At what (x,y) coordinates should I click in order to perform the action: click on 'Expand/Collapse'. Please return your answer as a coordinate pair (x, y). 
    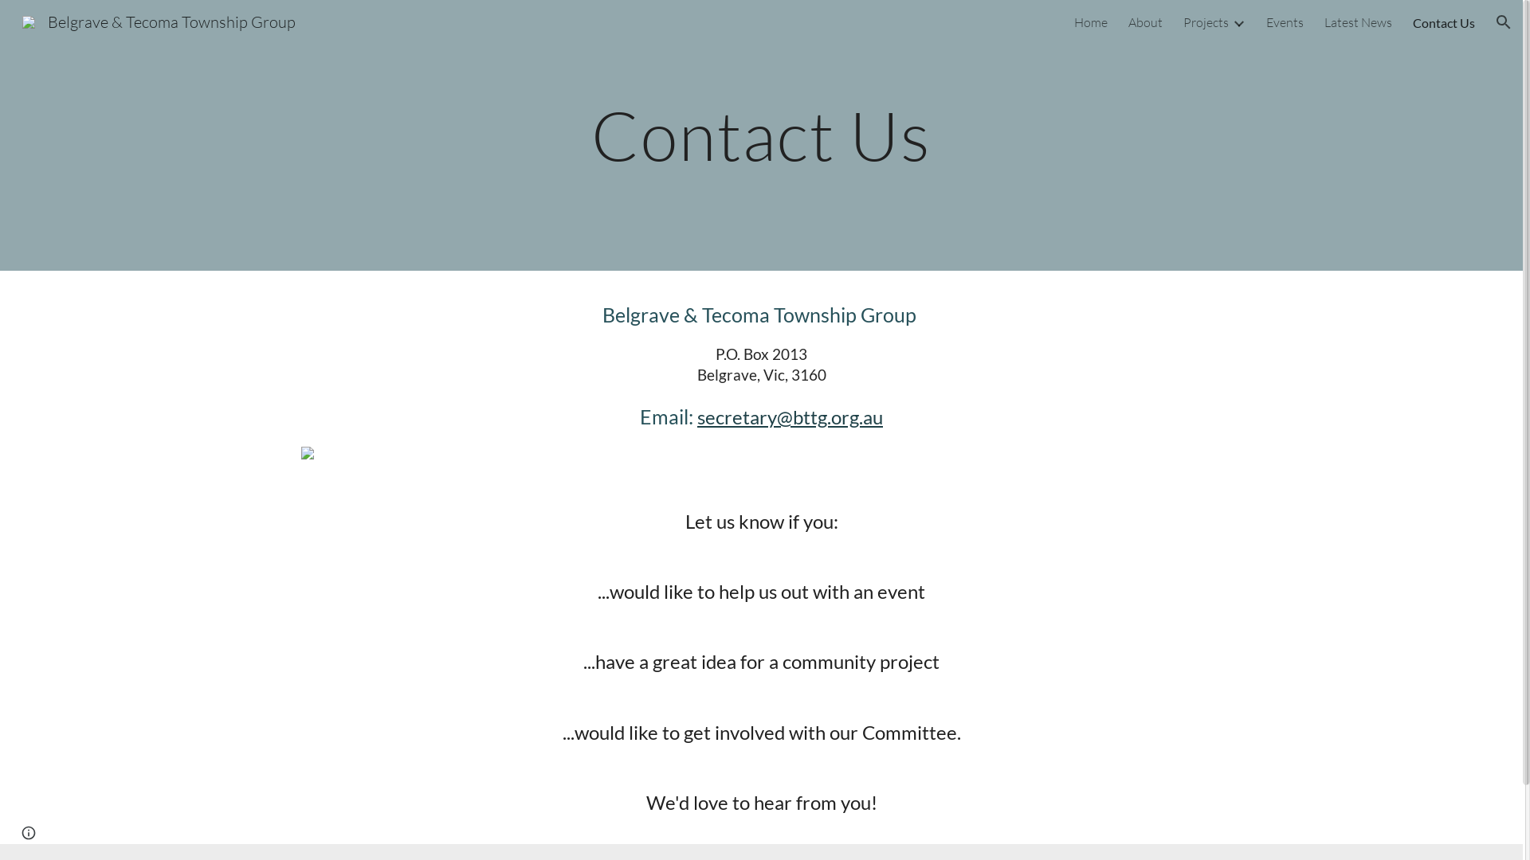
    Looking at the image, I should click on (1238, 21).